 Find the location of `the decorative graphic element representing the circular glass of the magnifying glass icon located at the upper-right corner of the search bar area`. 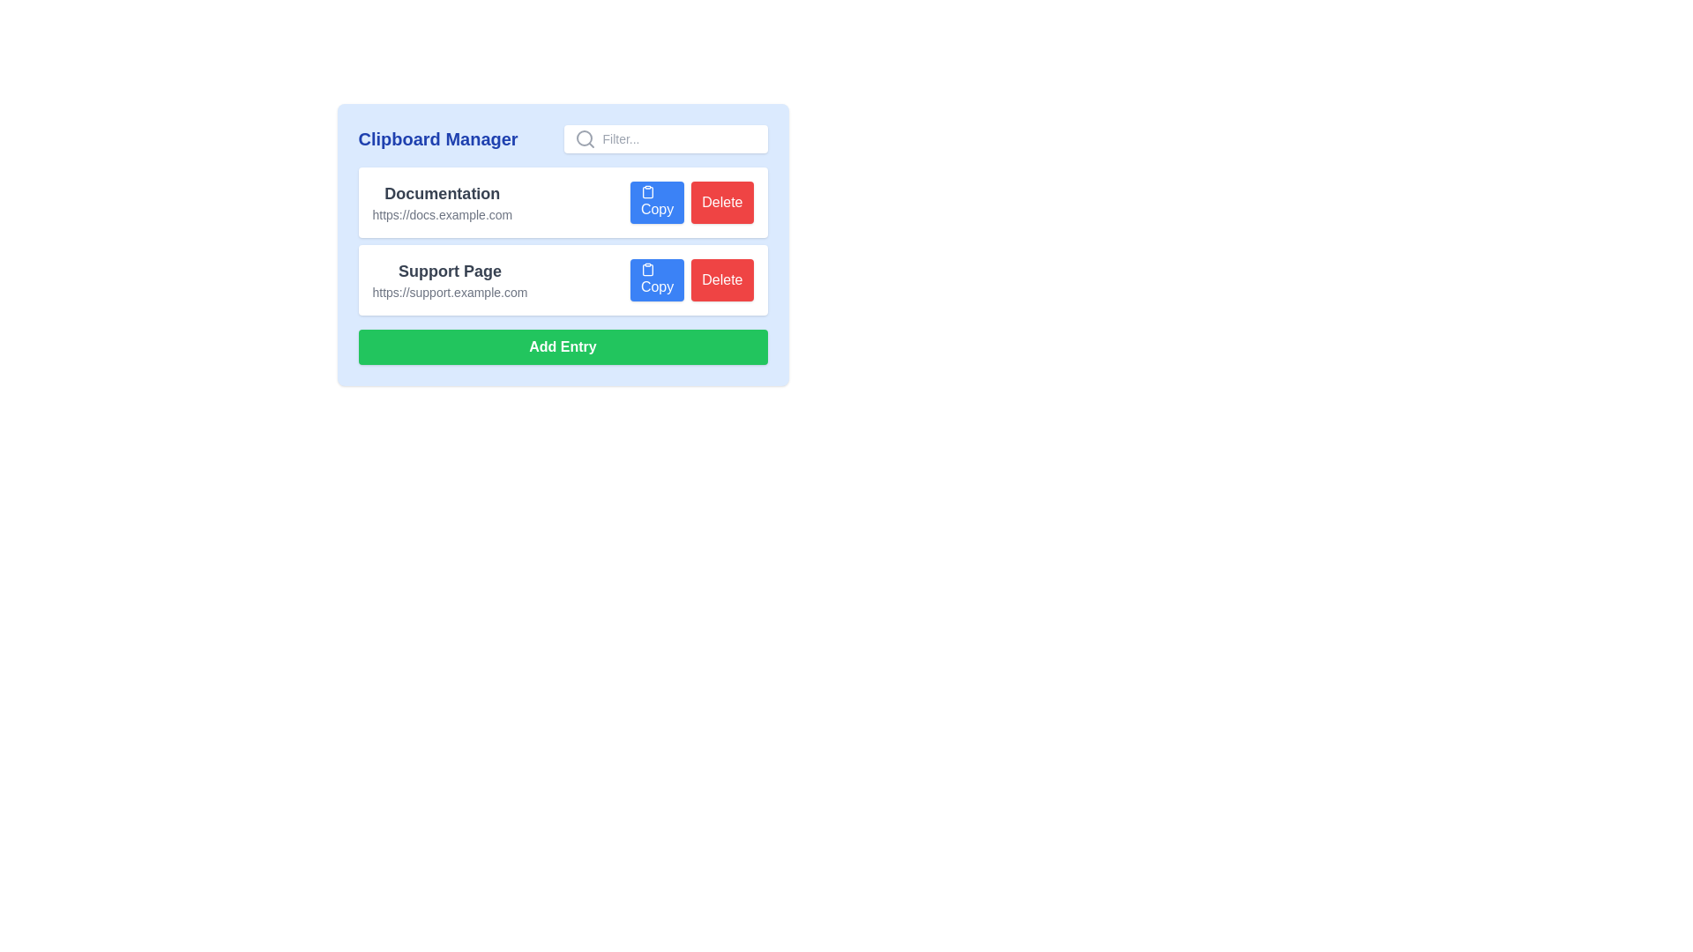

the decorative graphic element representing the circular glass of the magnifying glass icon located at the upper-right corner of the search bar area is located at coordinates (584, 138).